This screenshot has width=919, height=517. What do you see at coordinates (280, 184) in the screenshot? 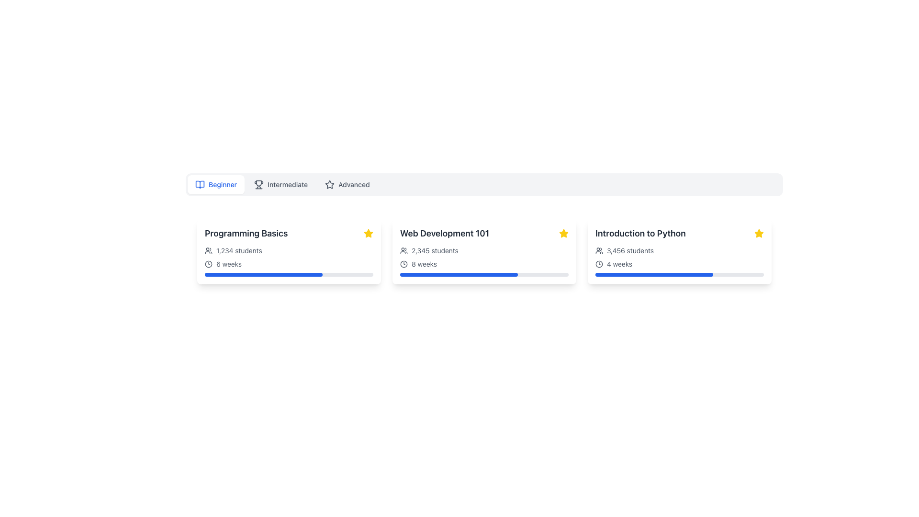
I see `the 'Intermediate' button, which is the second option in the selection bar` at bounding box center [280, 184].